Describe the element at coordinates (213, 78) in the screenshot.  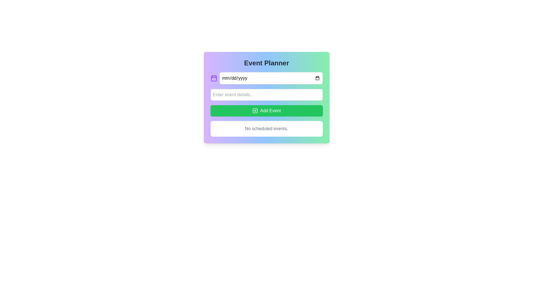
I see `the purple calendar icon located to the left of the date input box labeled 'mm/dd/yyyy'` at that location.